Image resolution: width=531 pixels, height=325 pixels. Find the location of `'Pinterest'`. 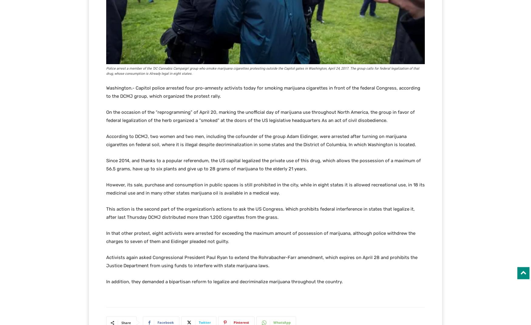

'Pinterest' is located at coordinates (241, 322).